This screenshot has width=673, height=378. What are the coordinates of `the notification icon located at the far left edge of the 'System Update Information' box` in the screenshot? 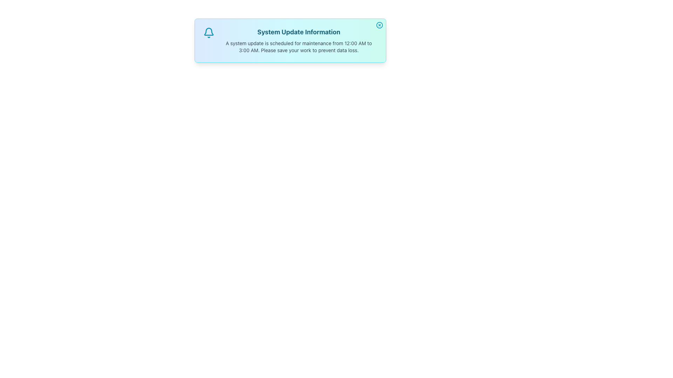 It's located at (208, 33).